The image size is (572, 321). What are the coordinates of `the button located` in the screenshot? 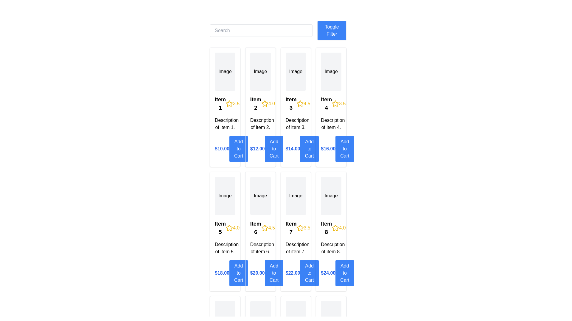 It's located at (273, 273).